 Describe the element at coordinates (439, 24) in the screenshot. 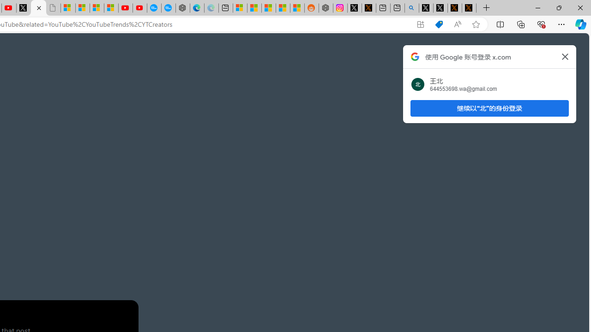

I see `'Shopping in Microsoft Edge'` at that location.